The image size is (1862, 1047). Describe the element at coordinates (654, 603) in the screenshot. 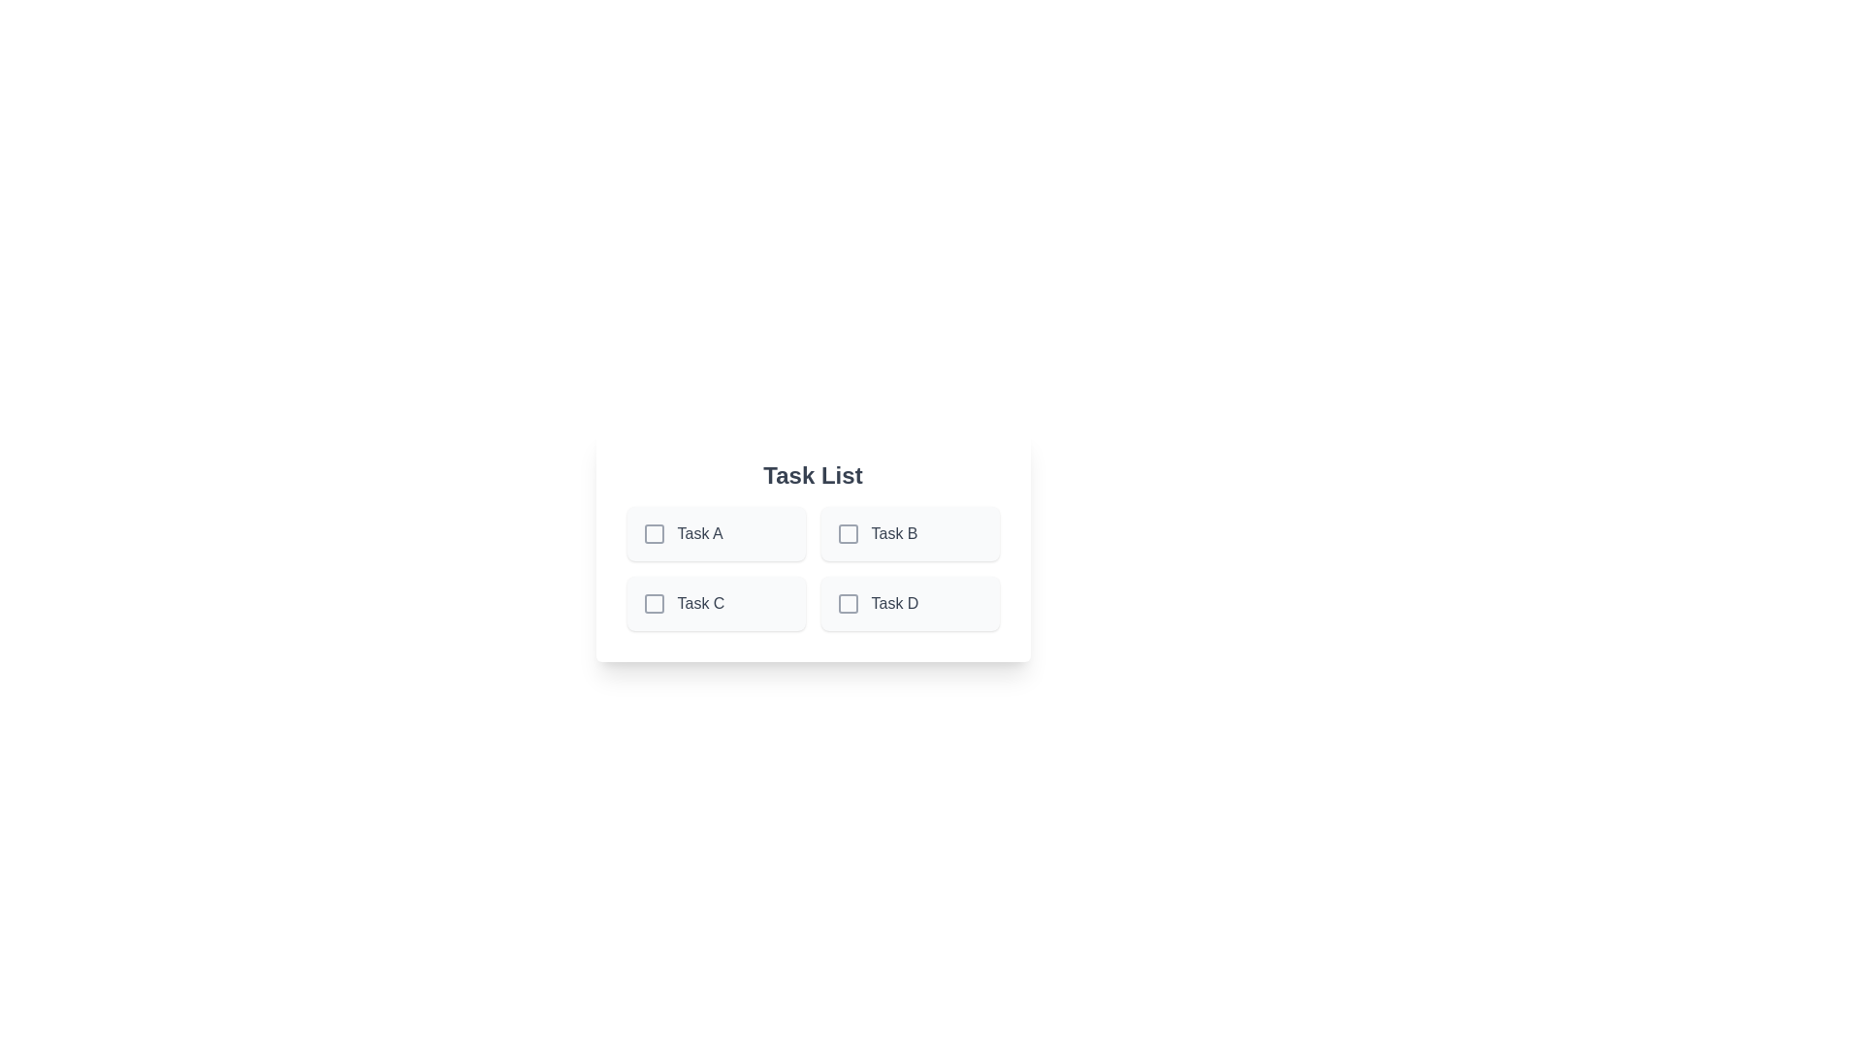

I see `the task Task C by clicking on its checkbox` at that location.